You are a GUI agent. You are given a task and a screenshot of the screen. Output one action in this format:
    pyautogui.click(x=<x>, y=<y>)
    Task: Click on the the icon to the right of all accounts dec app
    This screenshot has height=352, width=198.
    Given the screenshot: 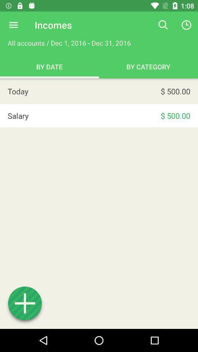 What is the action you would take?
    pyautogui.click(x=163, y=25)
    